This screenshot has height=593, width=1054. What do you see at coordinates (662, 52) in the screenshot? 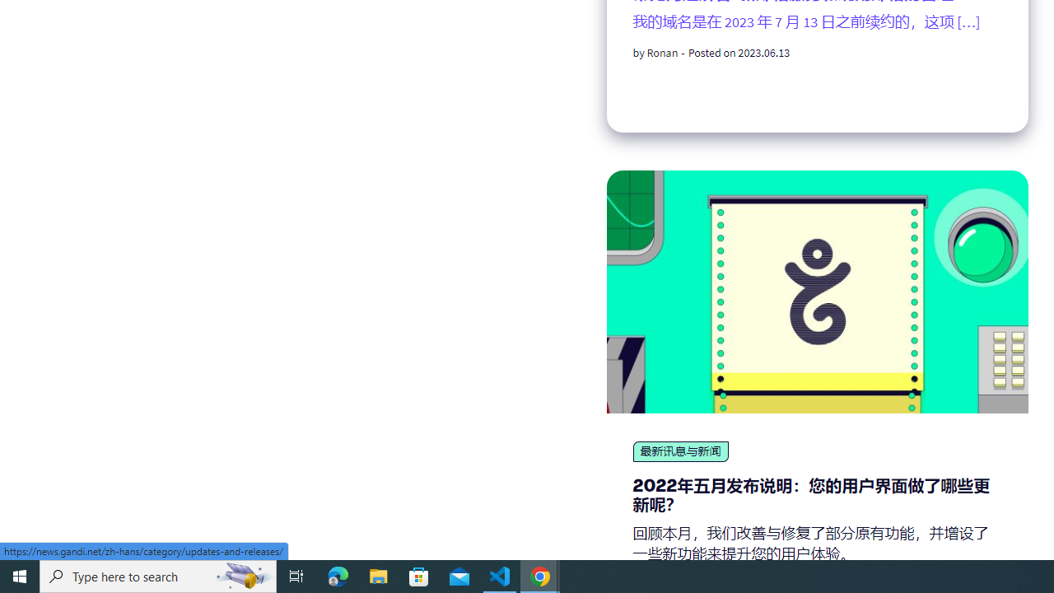
I see `'Ronan'` at bounding box center [662, 52].